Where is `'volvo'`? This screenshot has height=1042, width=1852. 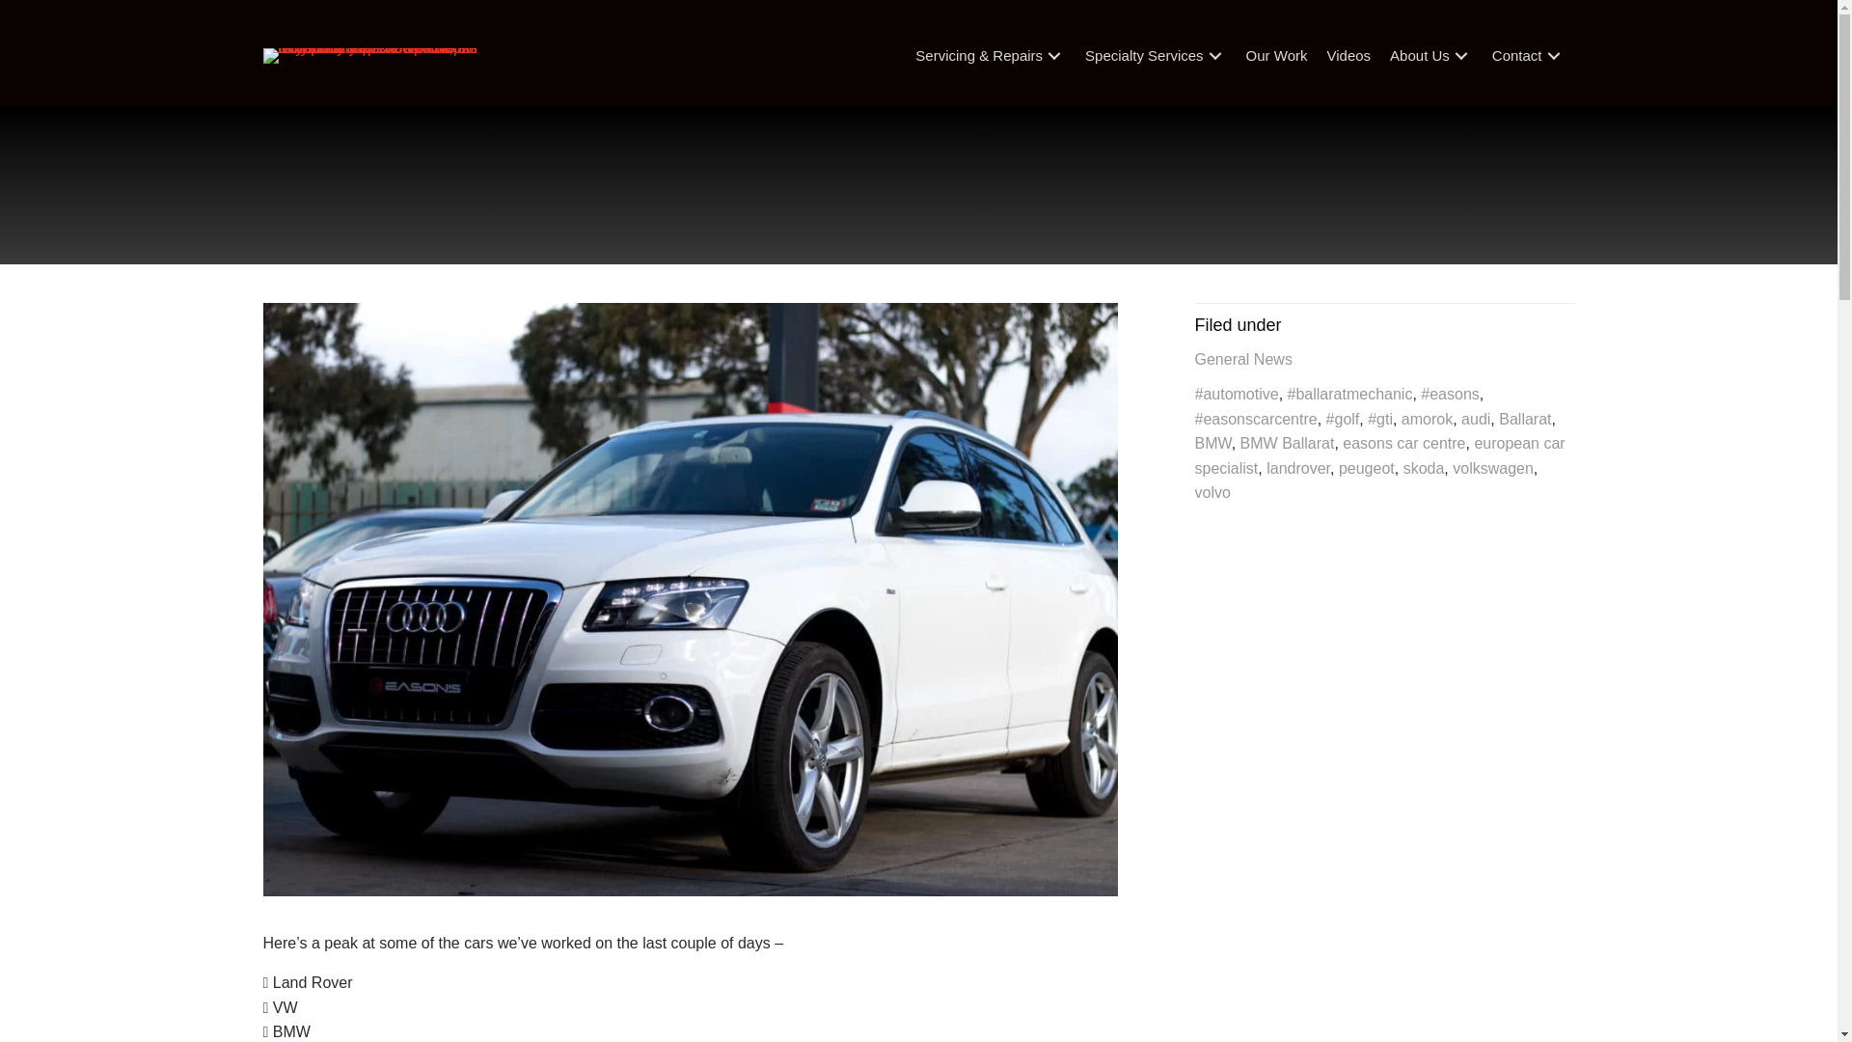 'volvo' is located at coordinates (1193, 491).